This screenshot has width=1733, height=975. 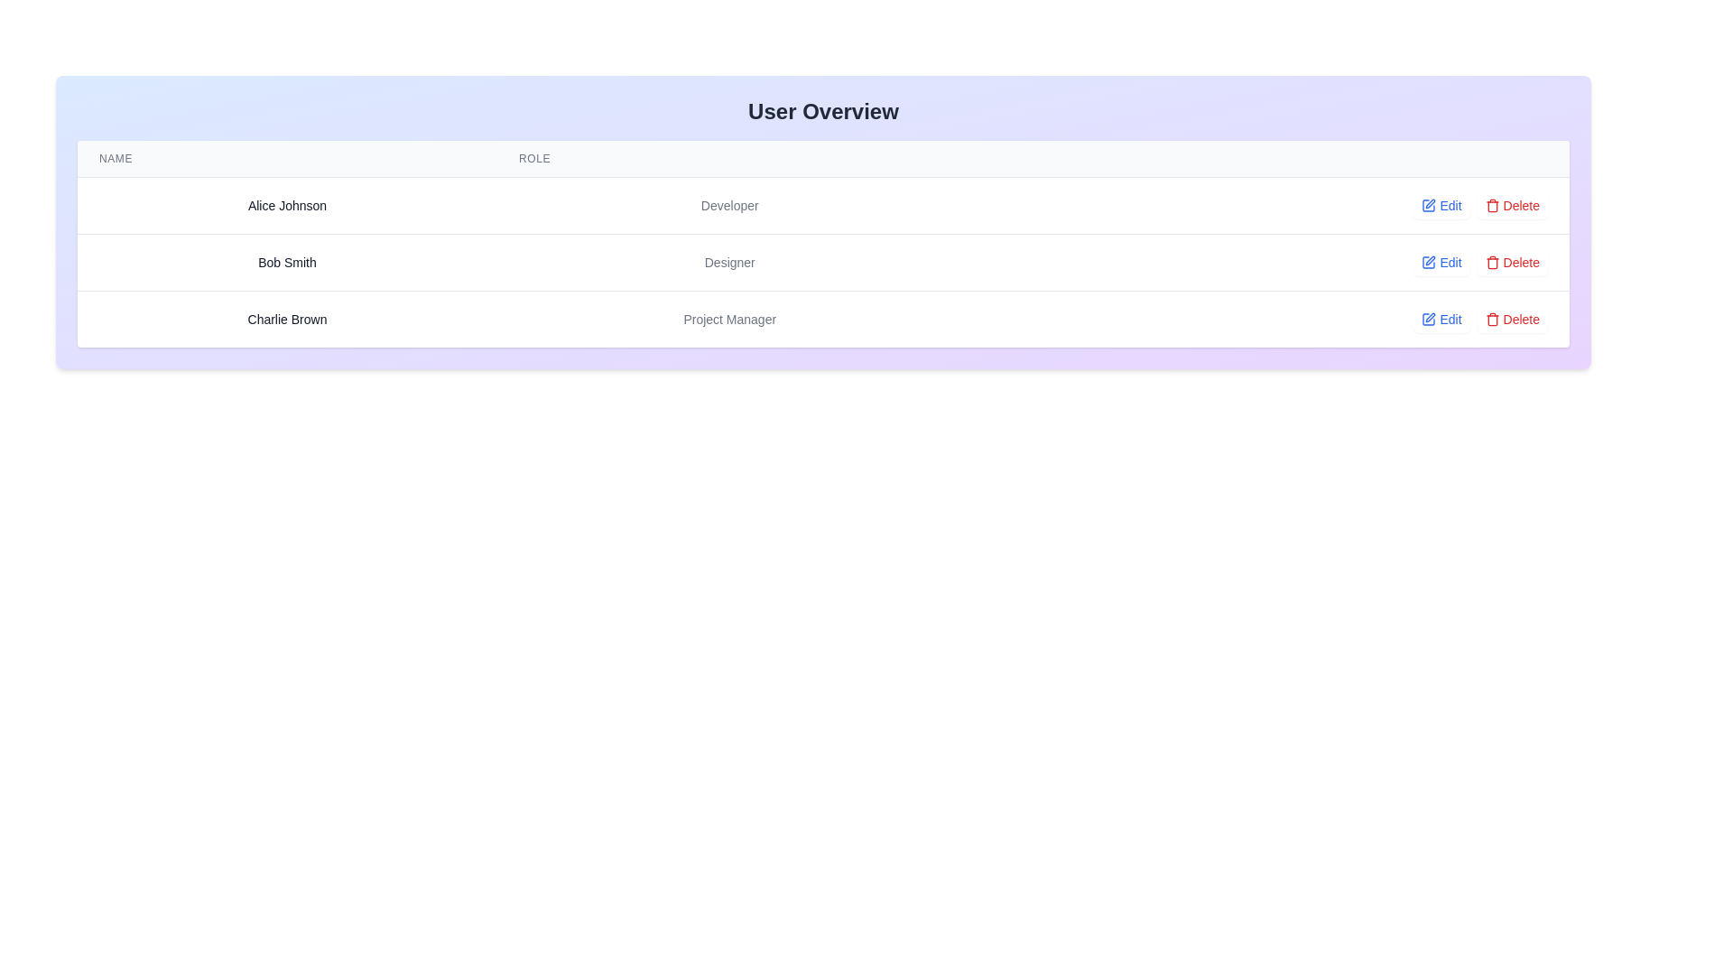 I want to click on the 'Edit' button located in the last row of the table to invoke the editing action, so click(x=1441, y=319).